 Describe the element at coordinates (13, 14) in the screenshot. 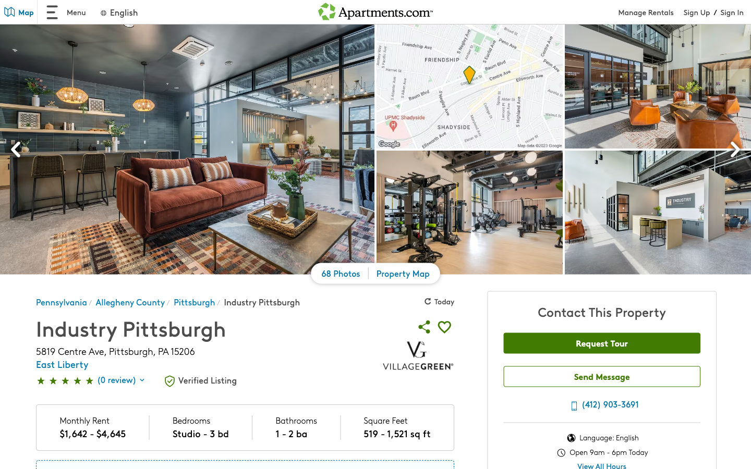

I see `the map feature` at that location.